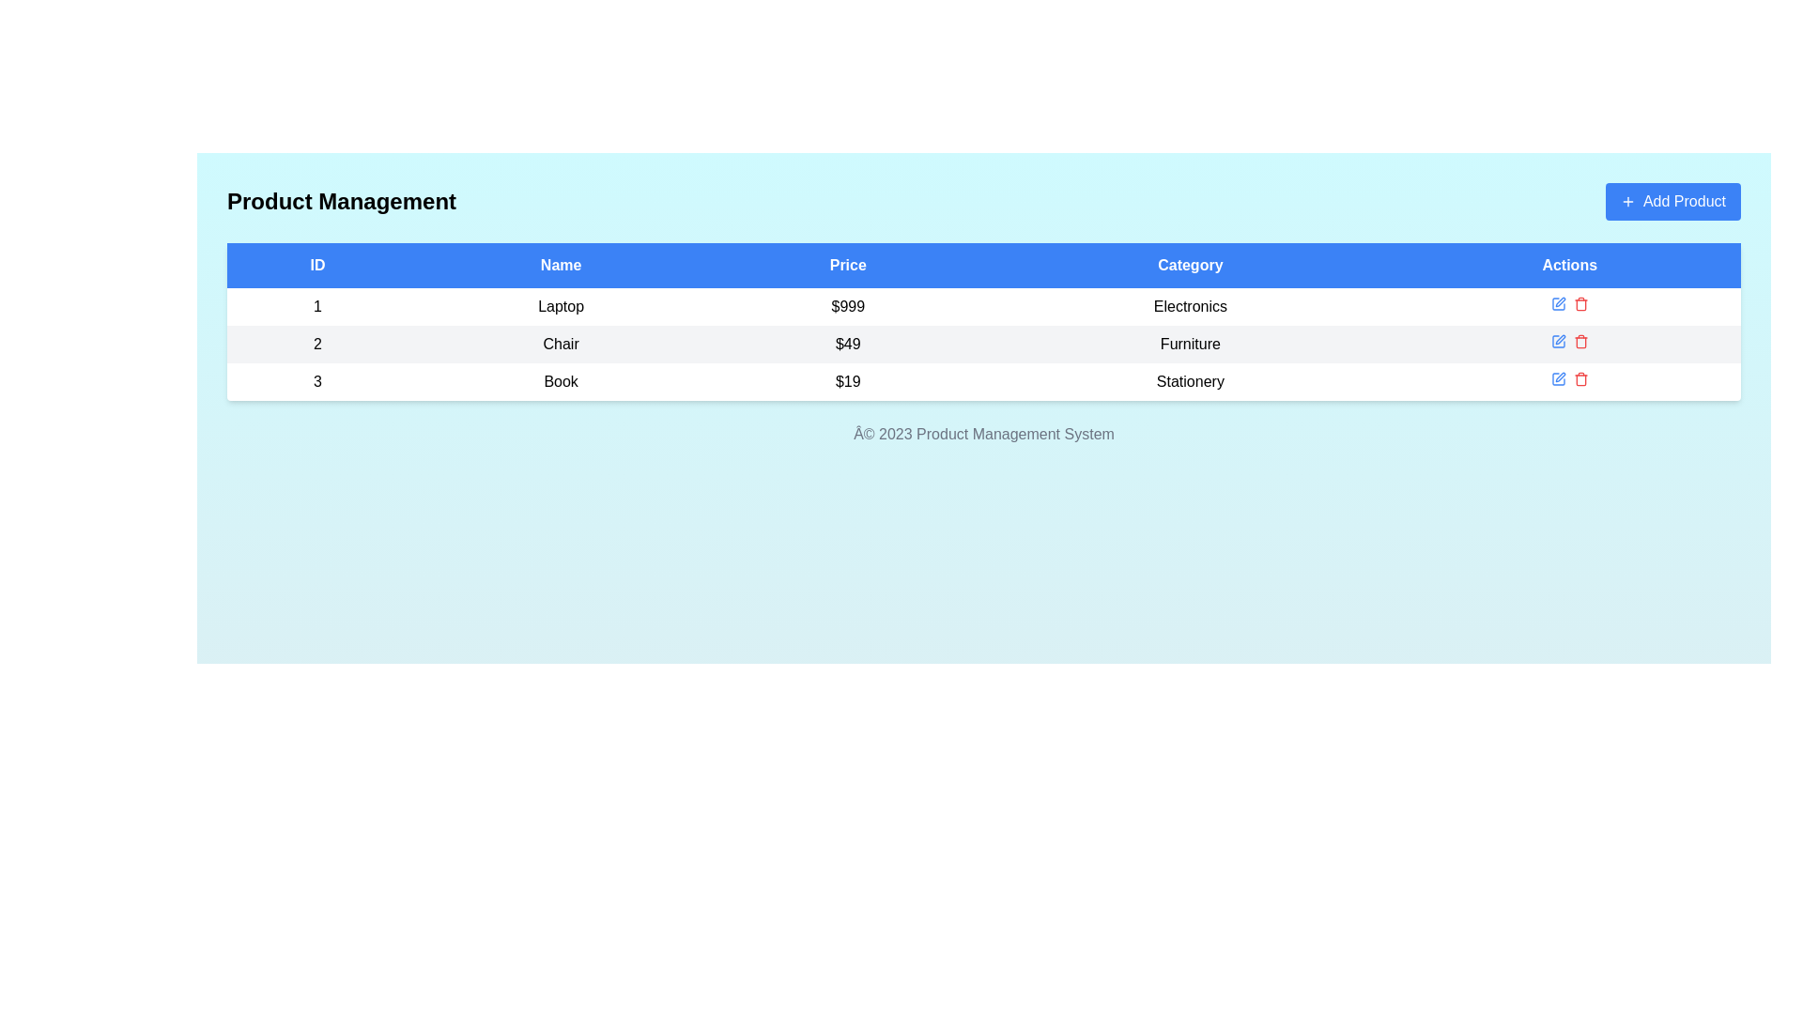  I want to click on the edit icon button in the Actions column of the table row for the product 'Book', so click(1558, 379).